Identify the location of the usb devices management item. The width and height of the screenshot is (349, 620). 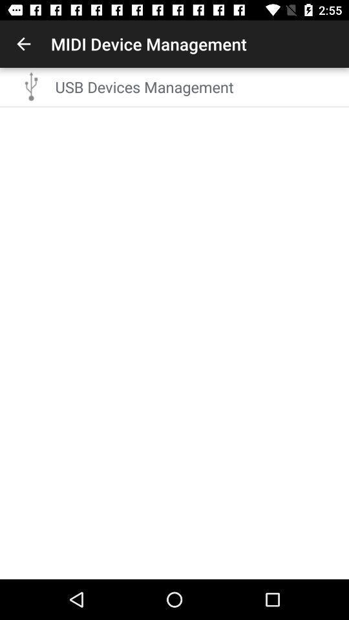
(198, 86).